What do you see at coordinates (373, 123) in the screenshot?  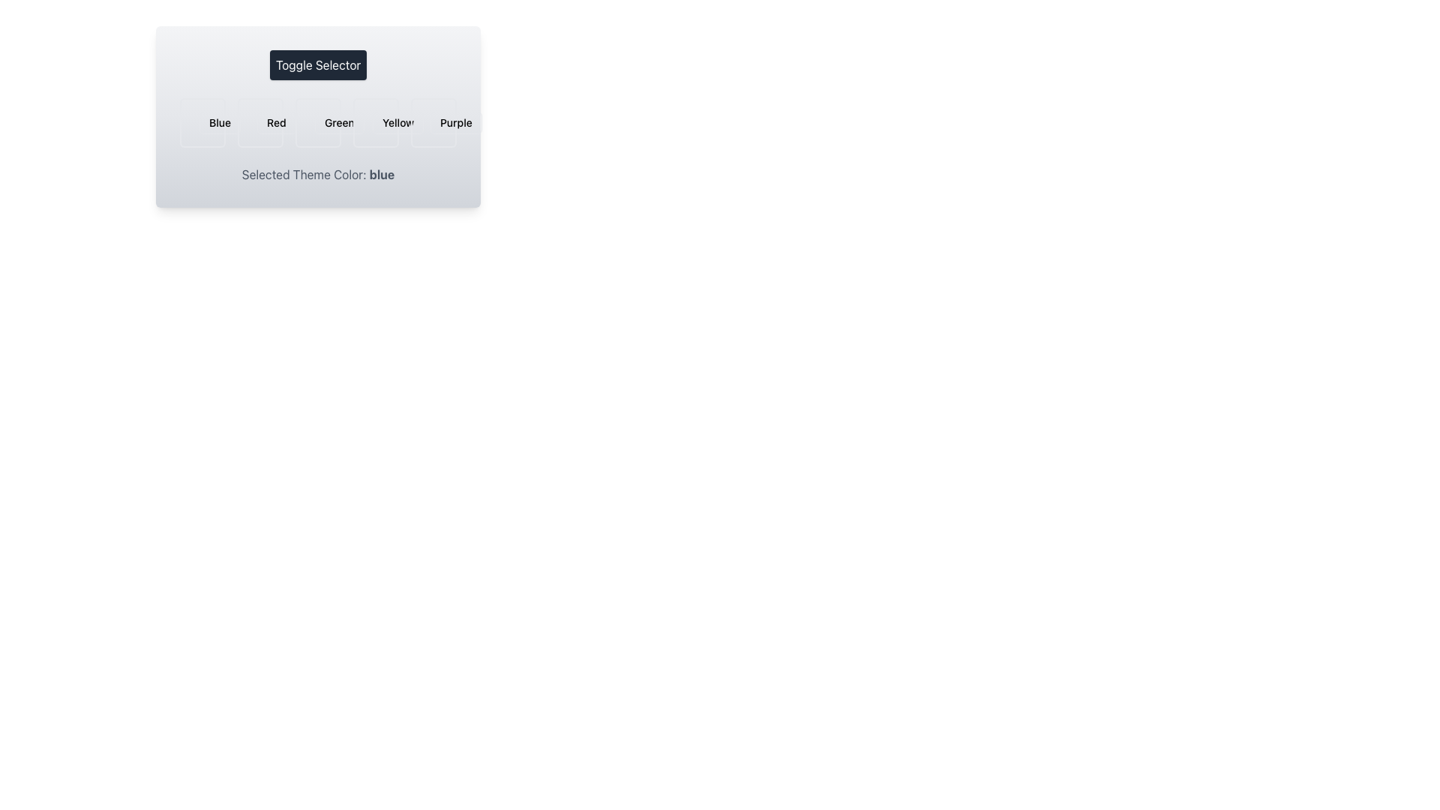 I see `the central circular element in the SVG graphic that serves as a visual indication or decoration, aligned with the 'Yellow' theme selector option` at bounding box center [373, 123].